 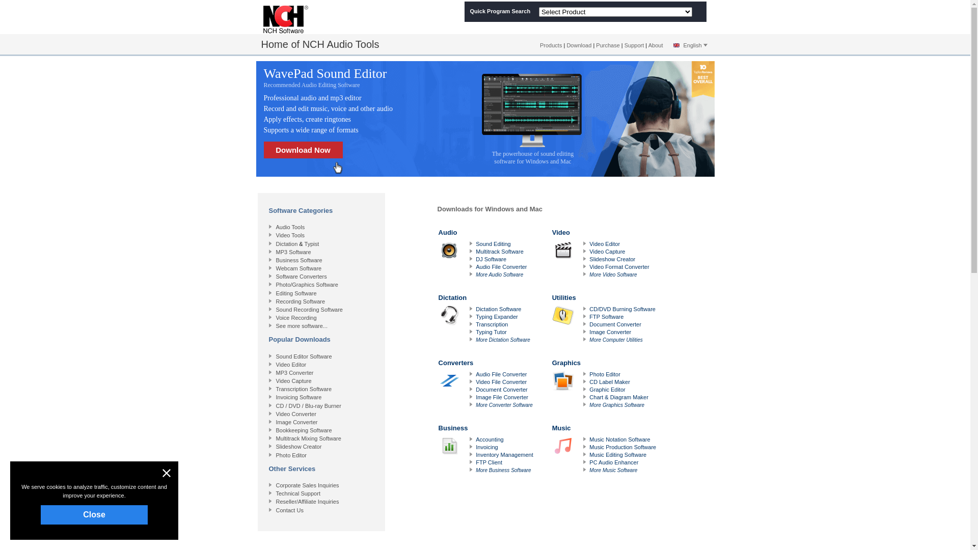 I want to click on 'Graphics', so click(x=552, y=383).